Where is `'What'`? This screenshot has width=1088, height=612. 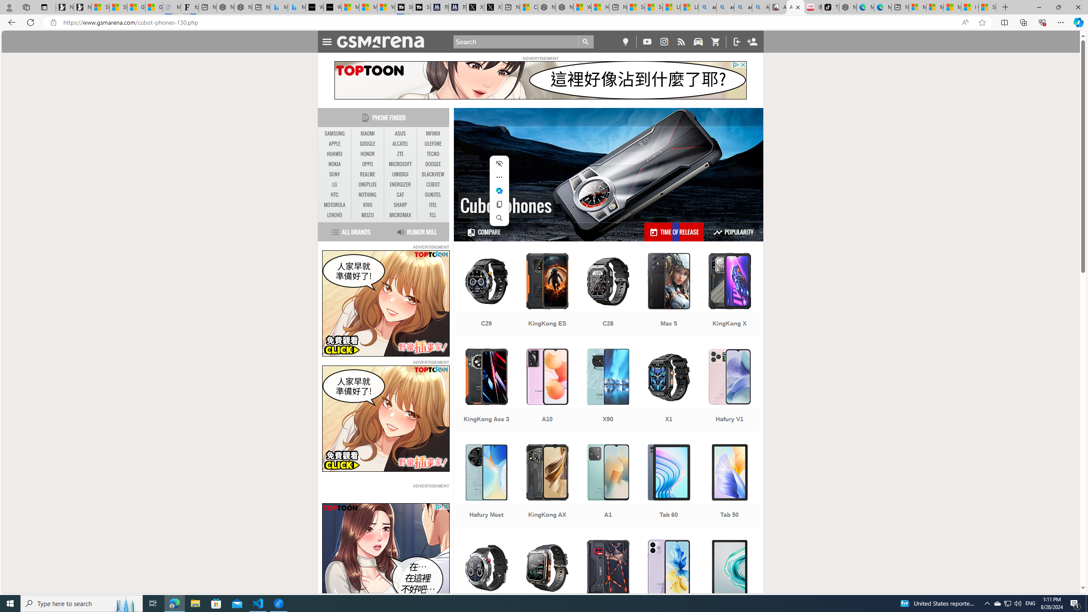 'What' is located at coordinates (332, 7).